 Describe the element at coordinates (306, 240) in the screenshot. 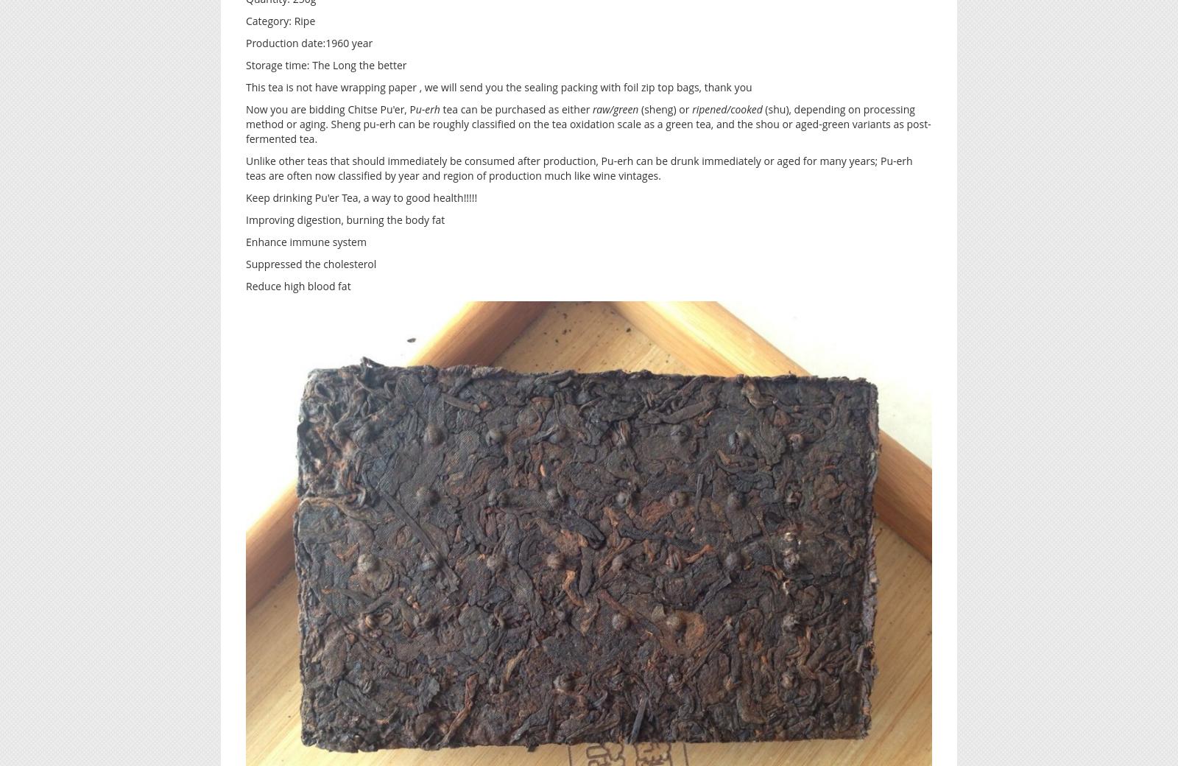

I see `'Enhance immune system'` at that location.